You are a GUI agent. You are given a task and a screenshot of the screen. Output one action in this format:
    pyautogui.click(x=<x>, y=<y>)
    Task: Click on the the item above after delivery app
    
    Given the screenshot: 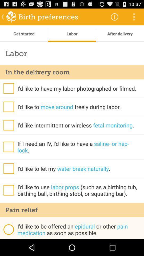 What is the action you would take?
    pyautogui.click(x=134, y=17)
    